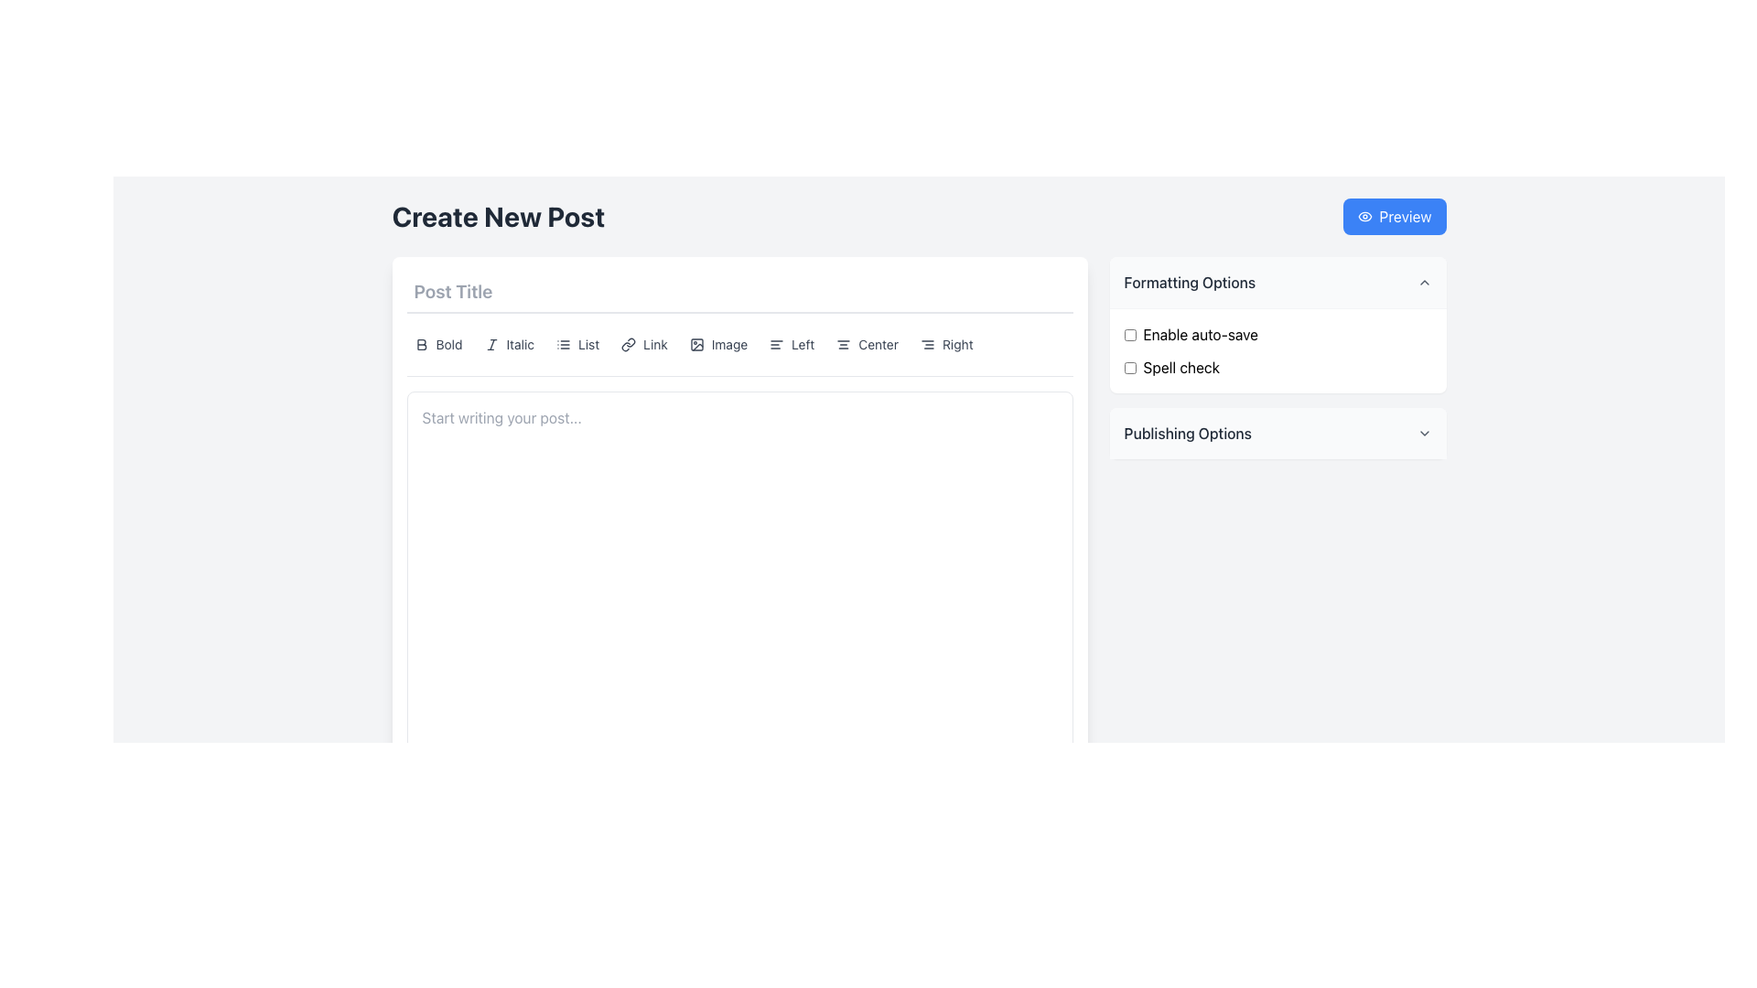  What do you see at coordinates (1201, 335) in the screenshot?
I see `text label 'Enable auto-save' to understand the function of the adjacent checkbox in the 'Formatting Options' section` at bounding box center [1201, 335].